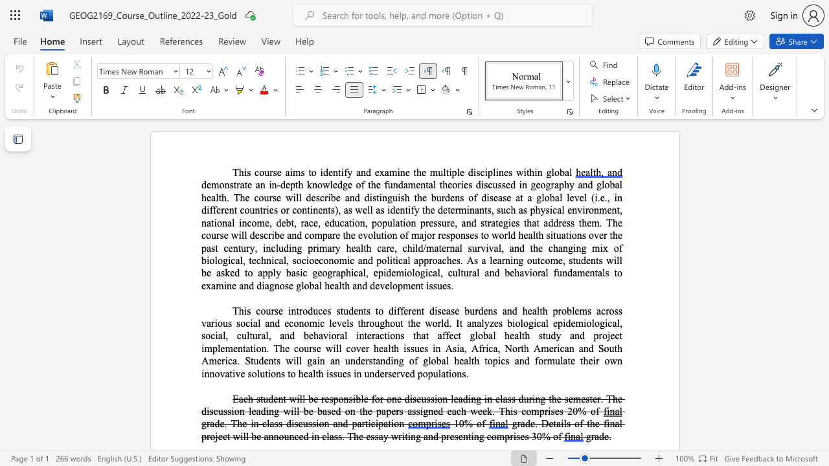 The width and height of the screenshot is (829, 466). Describe the element at coordinates (288, 272) in the screenshot. I see `the 2th character "b" in the text` at that location.